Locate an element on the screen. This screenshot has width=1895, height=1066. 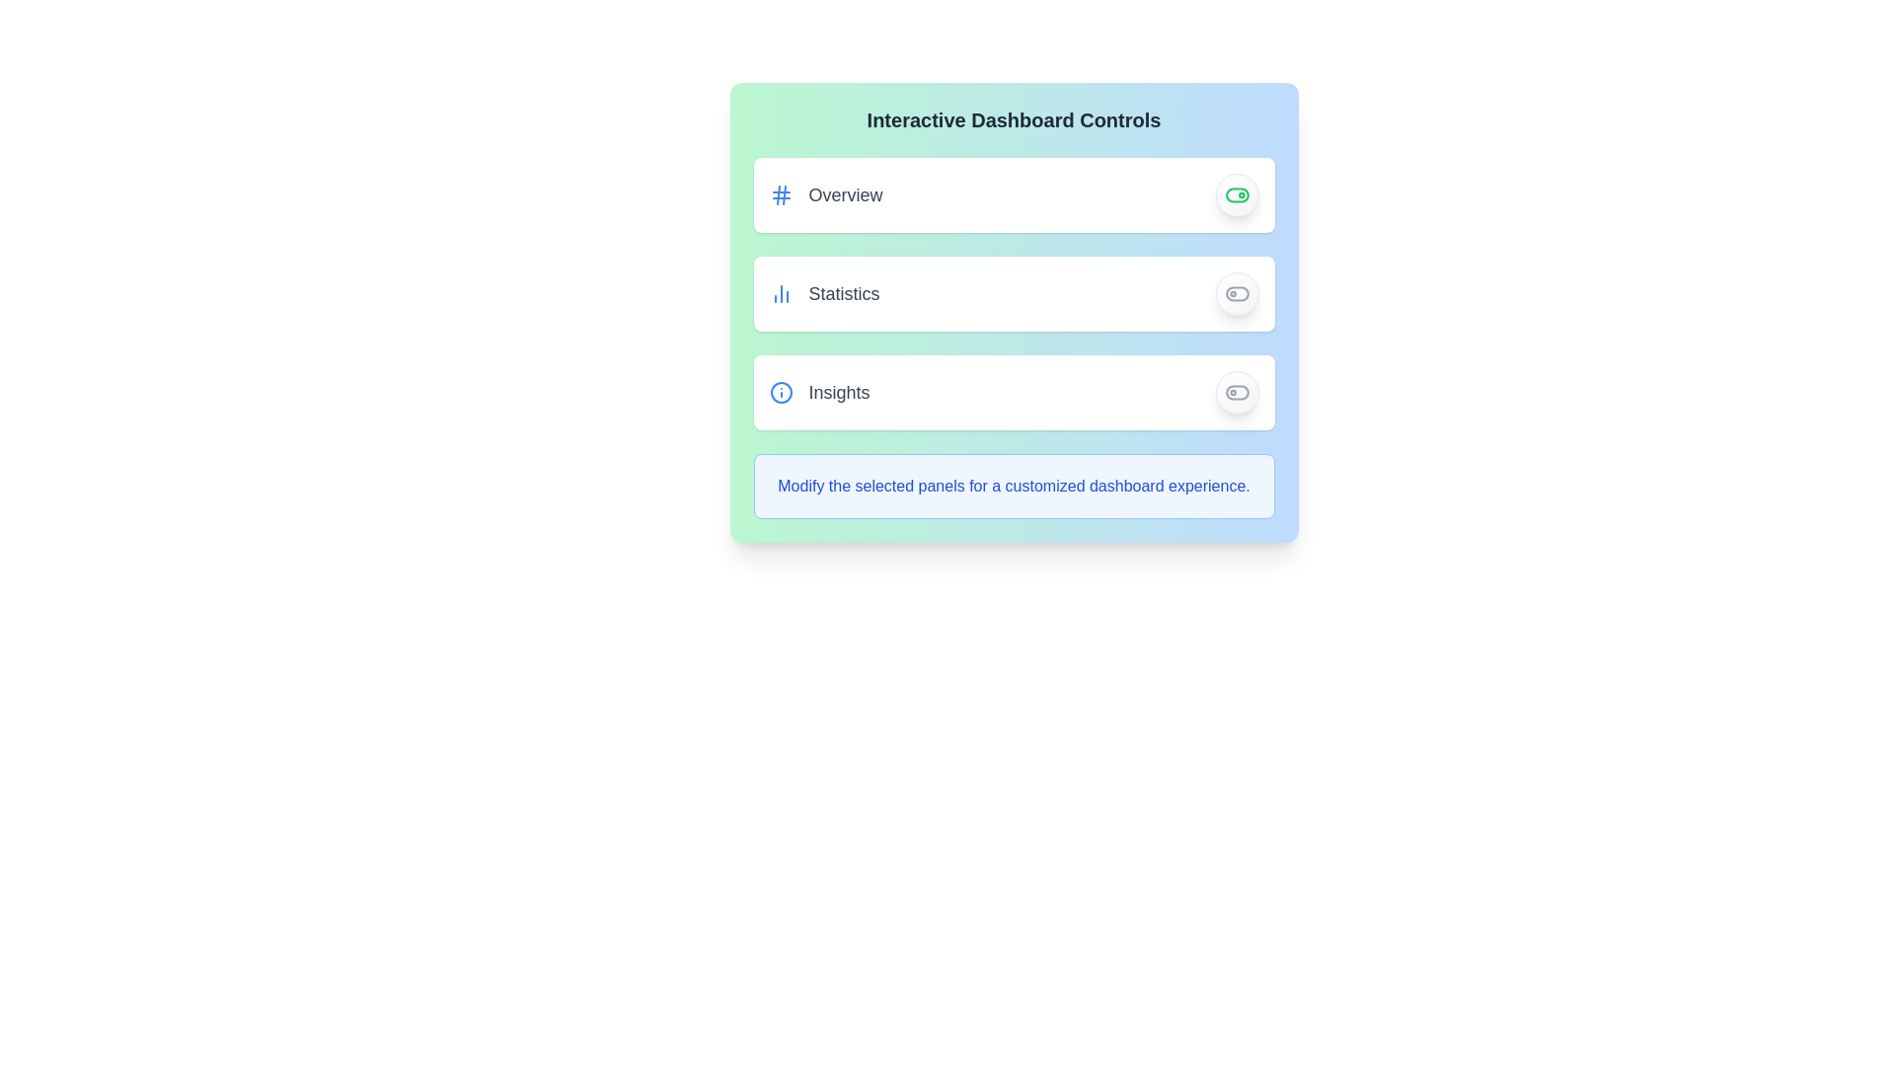
the 'Statistics' label, which is a text label styled in gray and located to the right of a chart-like icon, within the middle row of the dashboard controls is located at coordinates (844, 293).